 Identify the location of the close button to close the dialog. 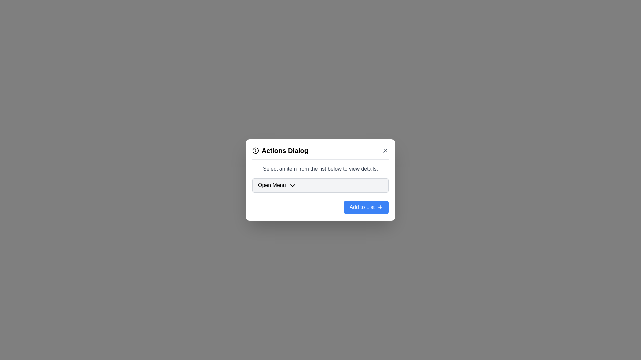
(385, 150).